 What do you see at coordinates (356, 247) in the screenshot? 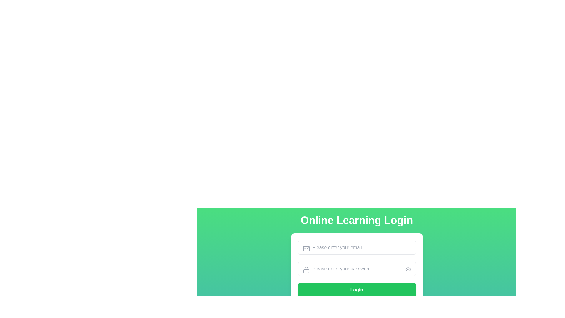
I see `the email input field located beneath the 'Online Learning Login' heading to focus on it` at bounding box center [356, 247].